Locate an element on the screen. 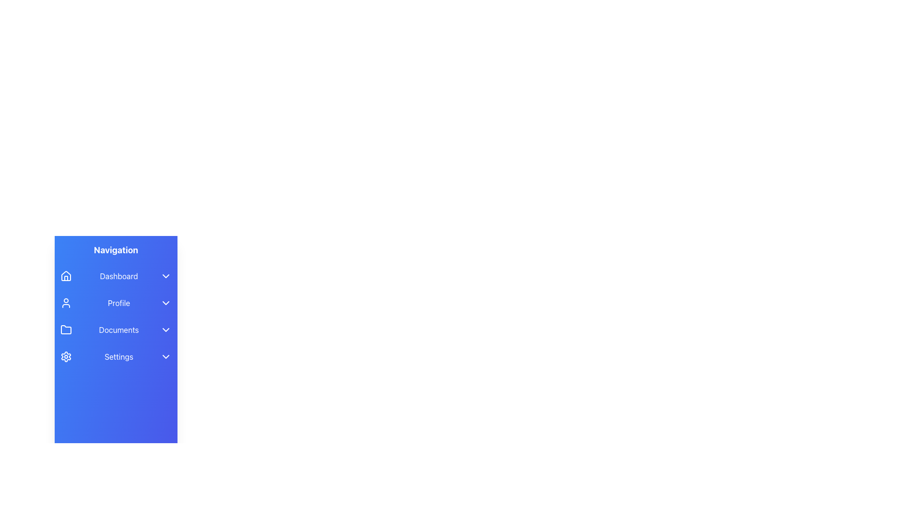  the 'Documents' icon in the navigation menu, which is located to the left of the text labeled 'Documents' is located at coordinates (66, 329).